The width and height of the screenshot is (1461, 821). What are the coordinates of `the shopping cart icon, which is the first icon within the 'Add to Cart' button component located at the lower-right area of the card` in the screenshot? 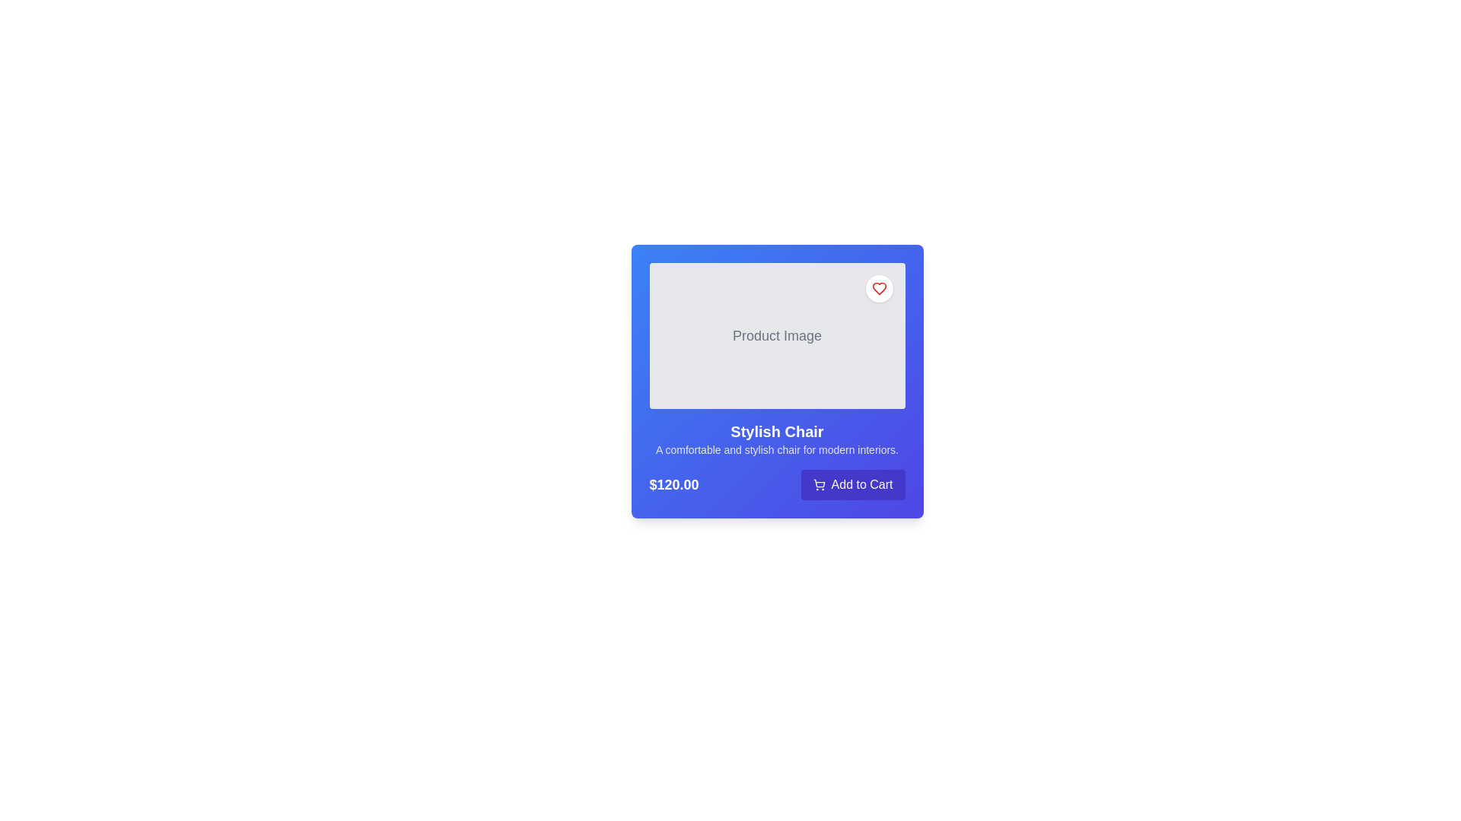 It's located at (818, 484).